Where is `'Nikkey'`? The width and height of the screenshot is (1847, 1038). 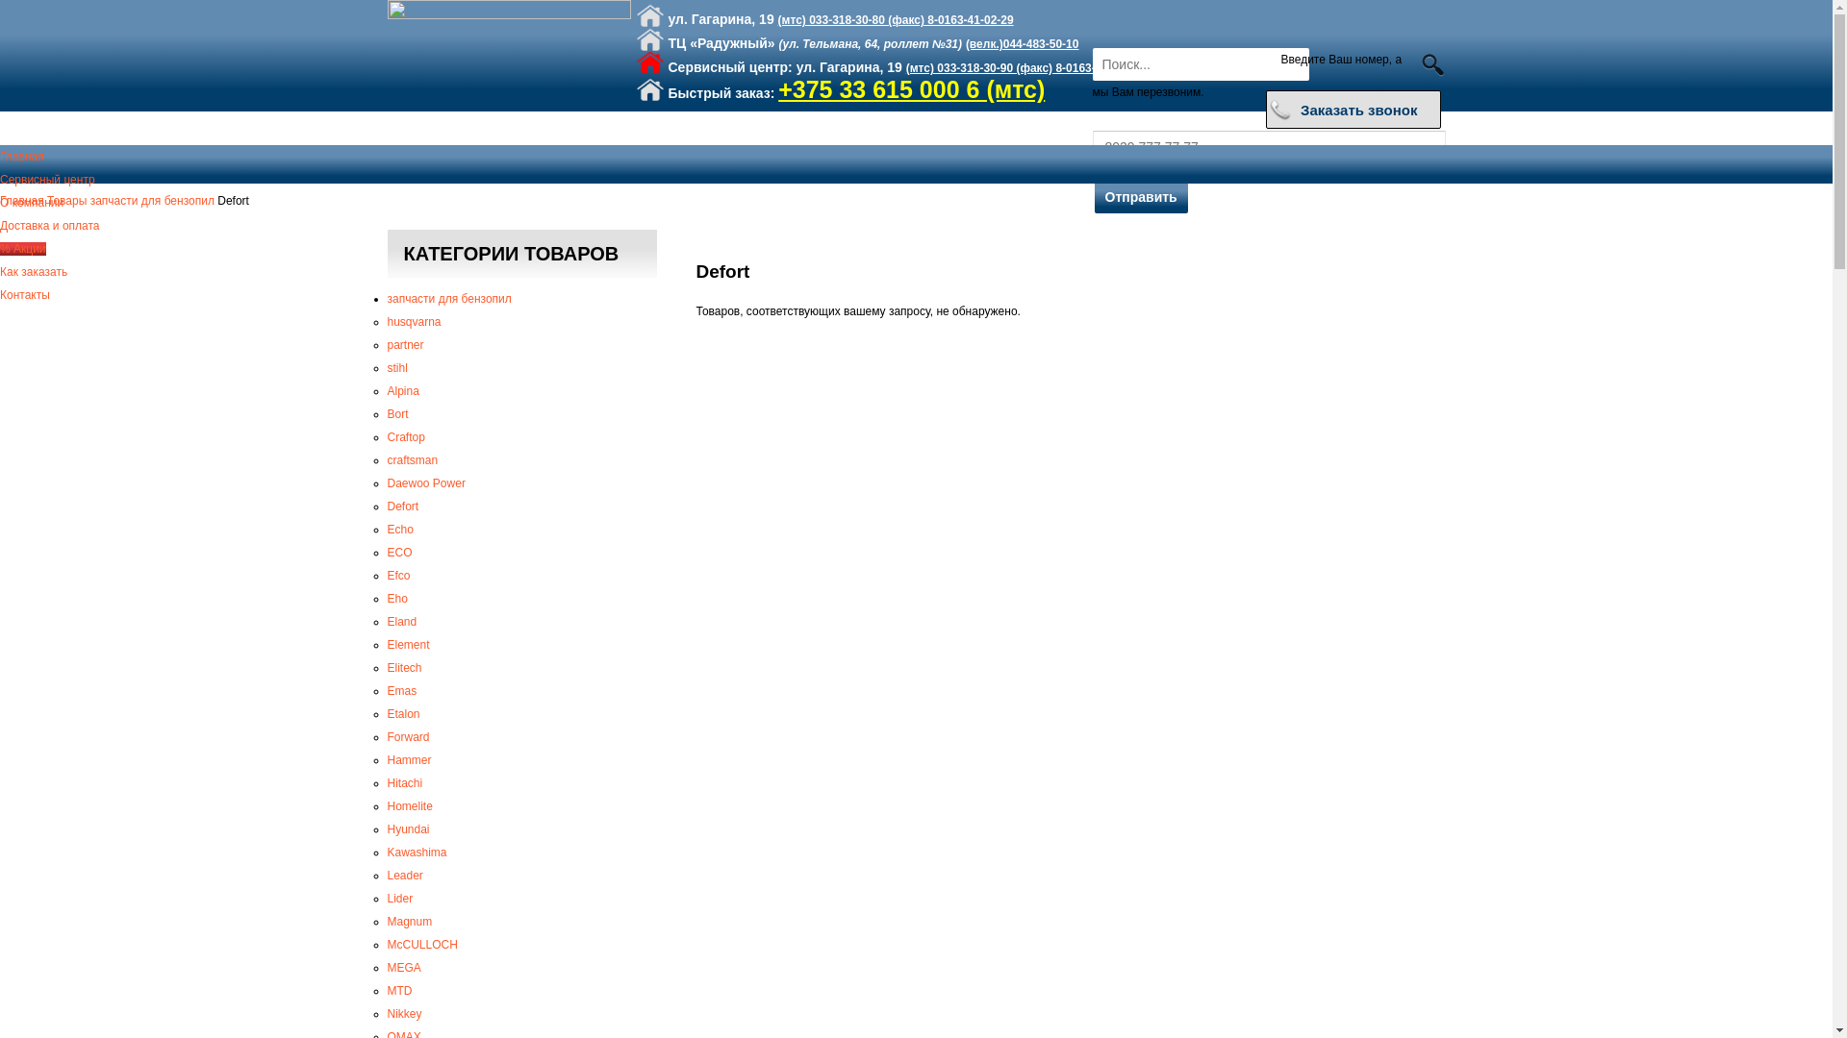 'Nikkey' is located at coordinates (403, 1013).